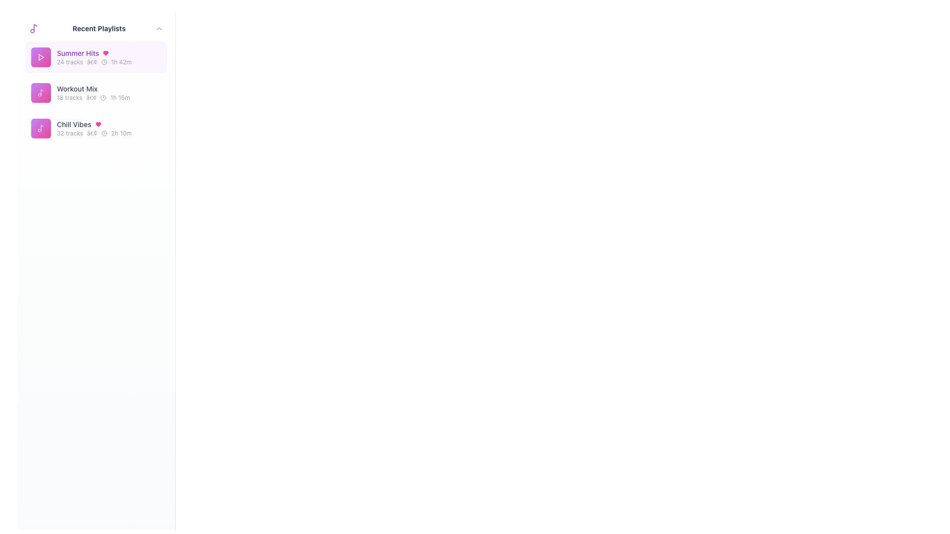  What do you see at coordinates (42, 92) in the screenshot?
I see `the musical note icon representing the 'Workout Mix' playlist, which is centrally aligned within the square-shaped image preceding the text label` at bounding box center [42, 92].